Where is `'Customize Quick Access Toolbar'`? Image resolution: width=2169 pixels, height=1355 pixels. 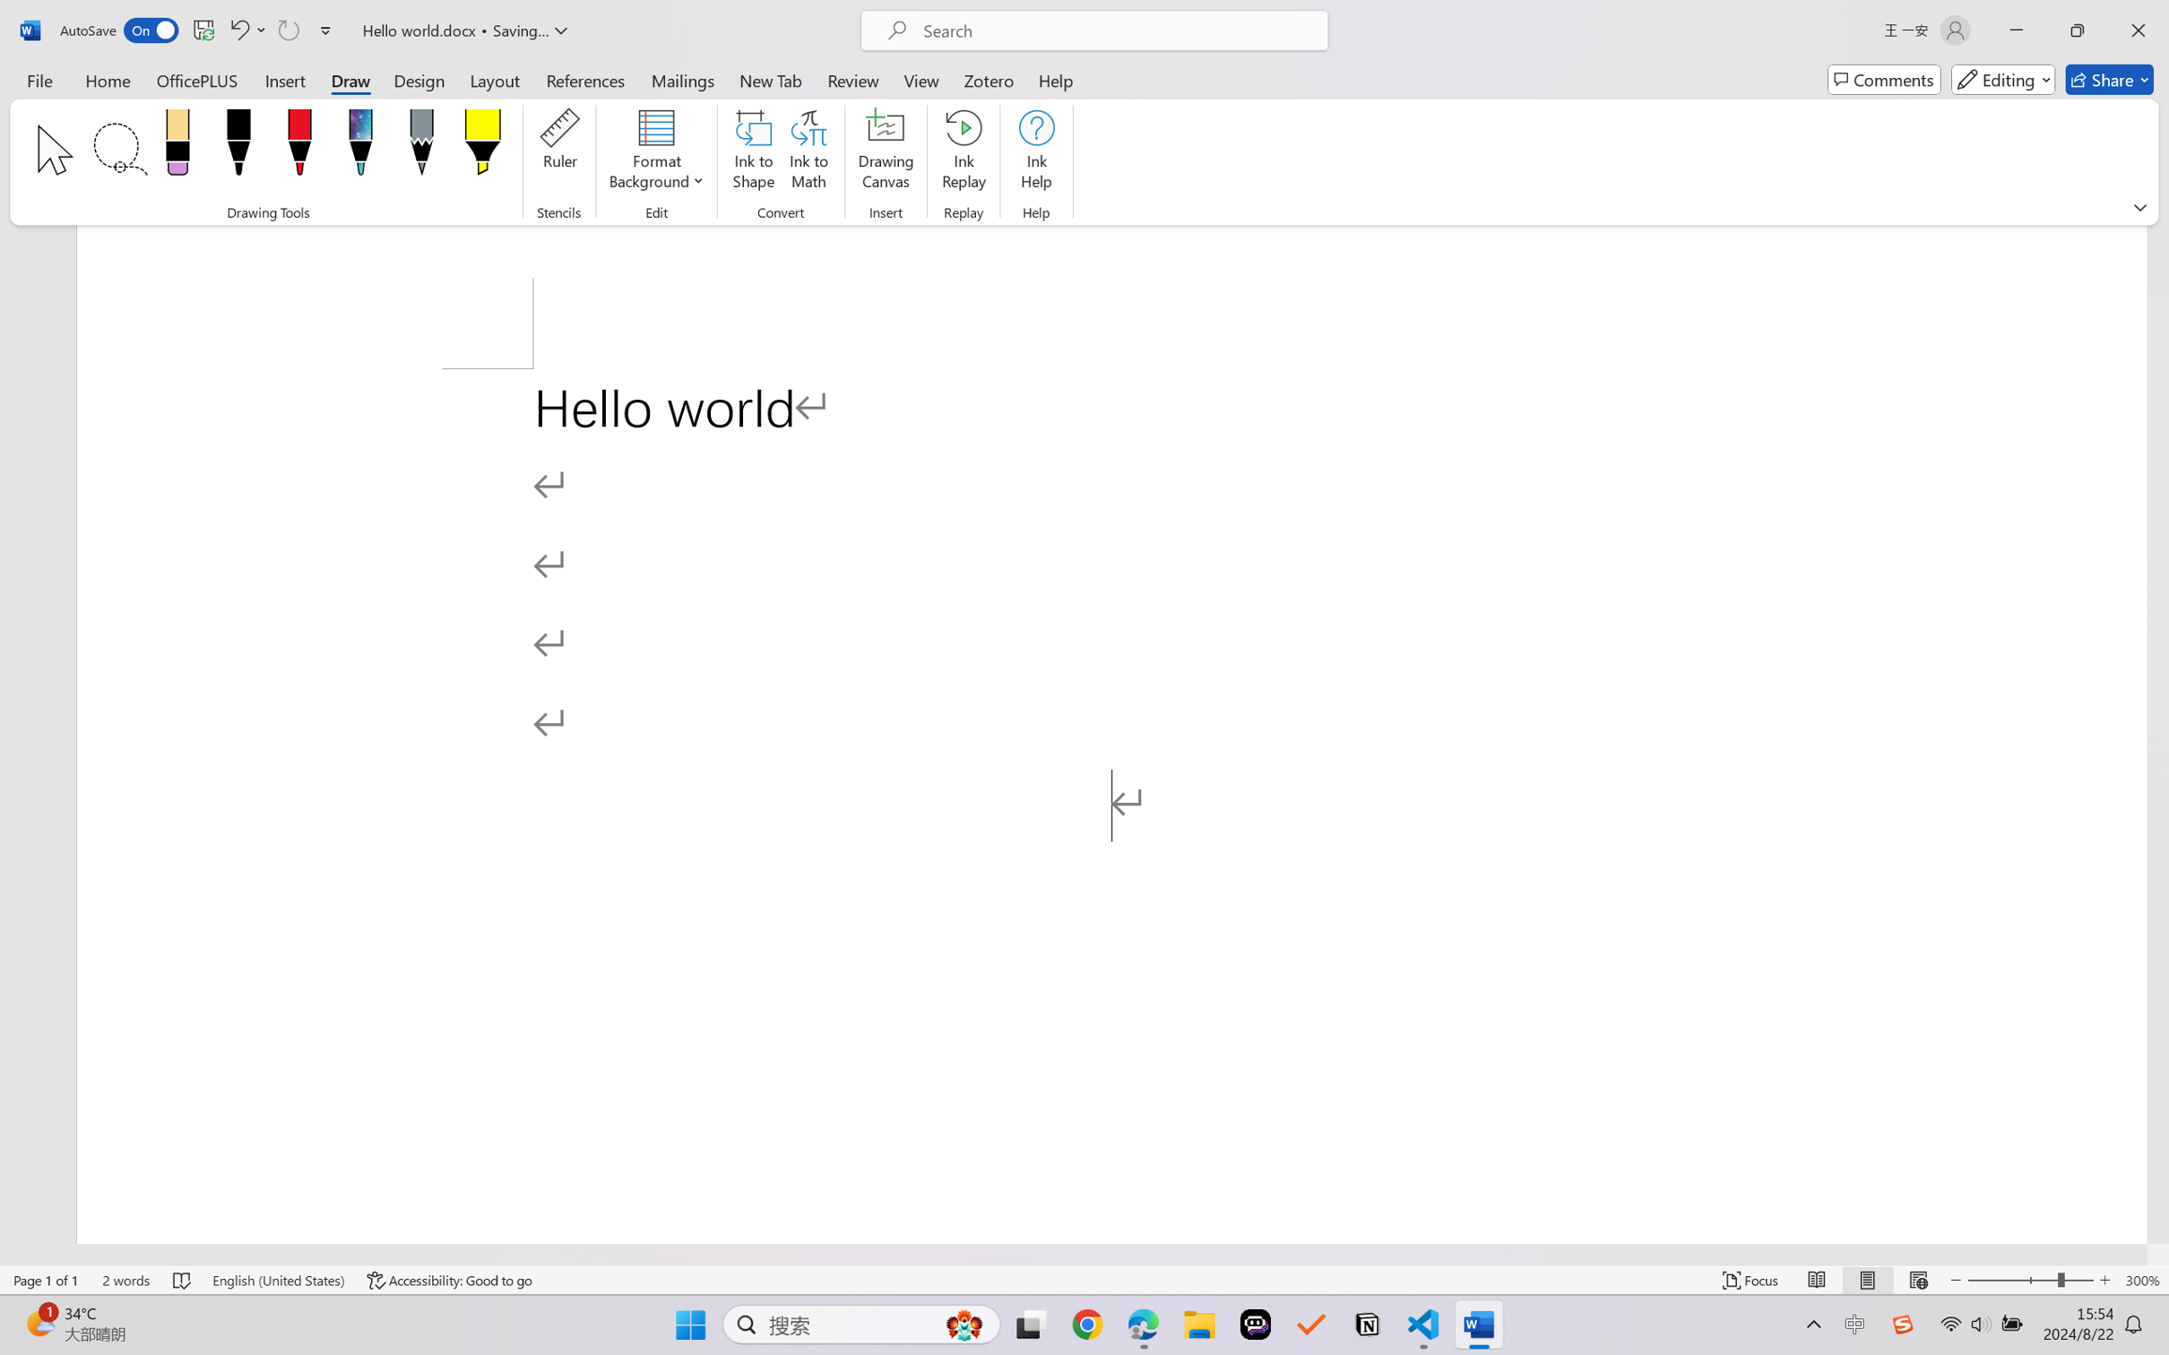
'Customize Quick Access Toolbar' is located at coordinates (325, 30).